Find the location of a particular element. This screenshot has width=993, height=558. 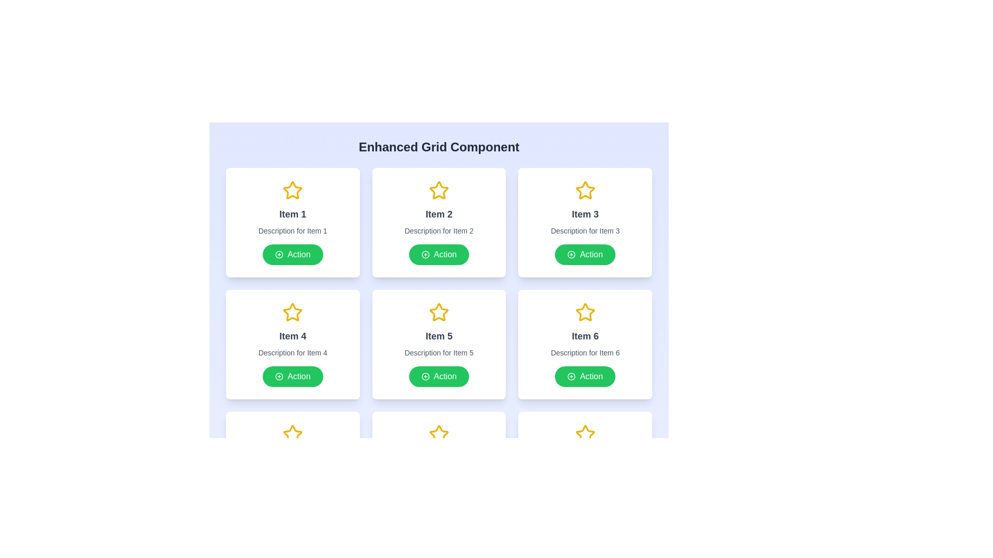

the textual label displaying 'Action' which is styled with white text on a green background, positioned to the right of a '+' icon inside a rounded button under 'Item 6' is located at coordinates (591, 377).